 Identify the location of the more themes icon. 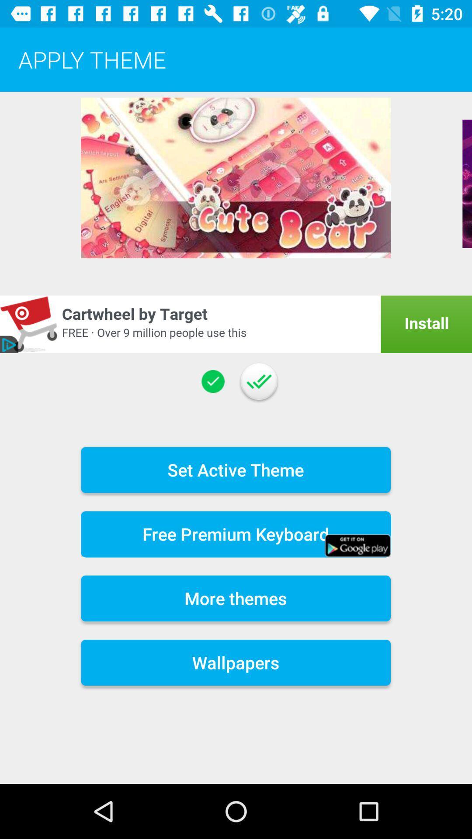
(235, 598).